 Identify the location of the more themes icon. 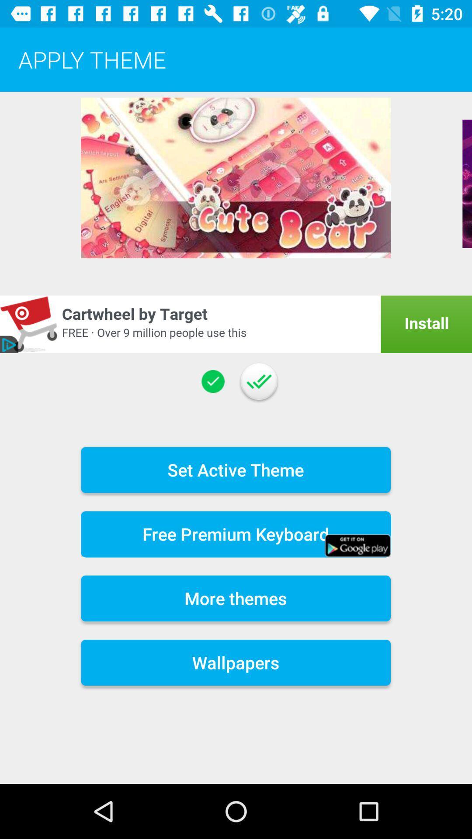
(235, 598).